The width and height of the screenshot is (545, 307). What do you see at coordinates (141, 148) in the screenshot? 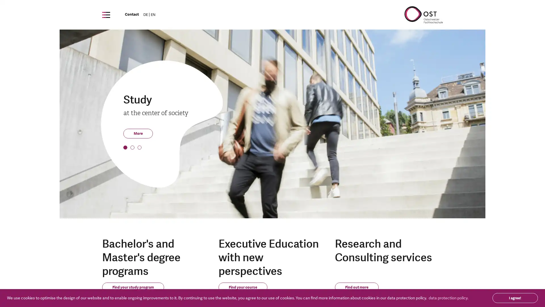
I see `3` at bounding box center [141, 148].